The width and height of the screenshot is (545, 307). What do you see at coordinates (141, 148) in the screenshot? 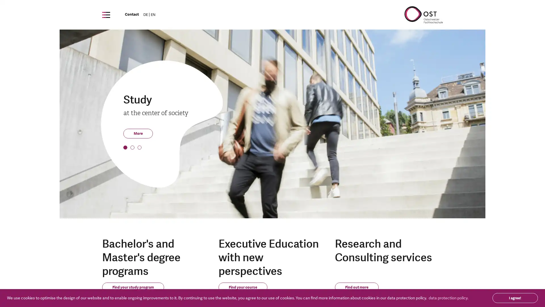
I see `3` at bounding box center [141, 148].